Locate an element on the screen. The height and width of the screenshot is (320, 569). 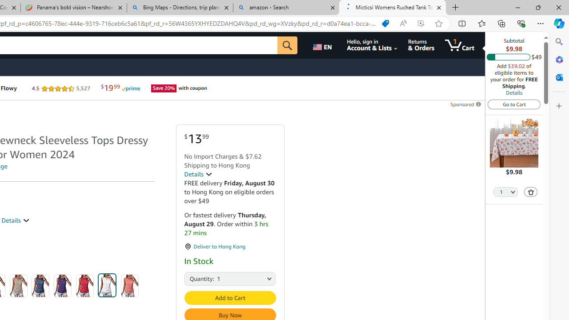
'Purple' is located at coordinates (62, 285).